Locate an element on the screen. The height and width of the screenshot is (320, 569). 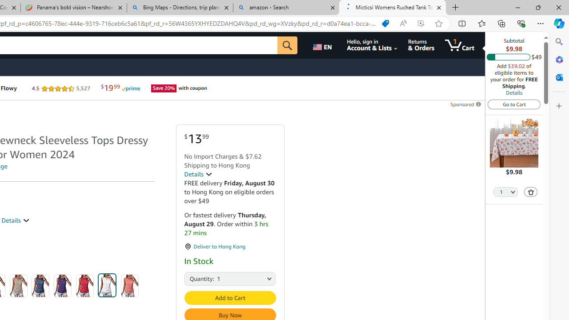
'Purple' is located at coordinates (62, 285).